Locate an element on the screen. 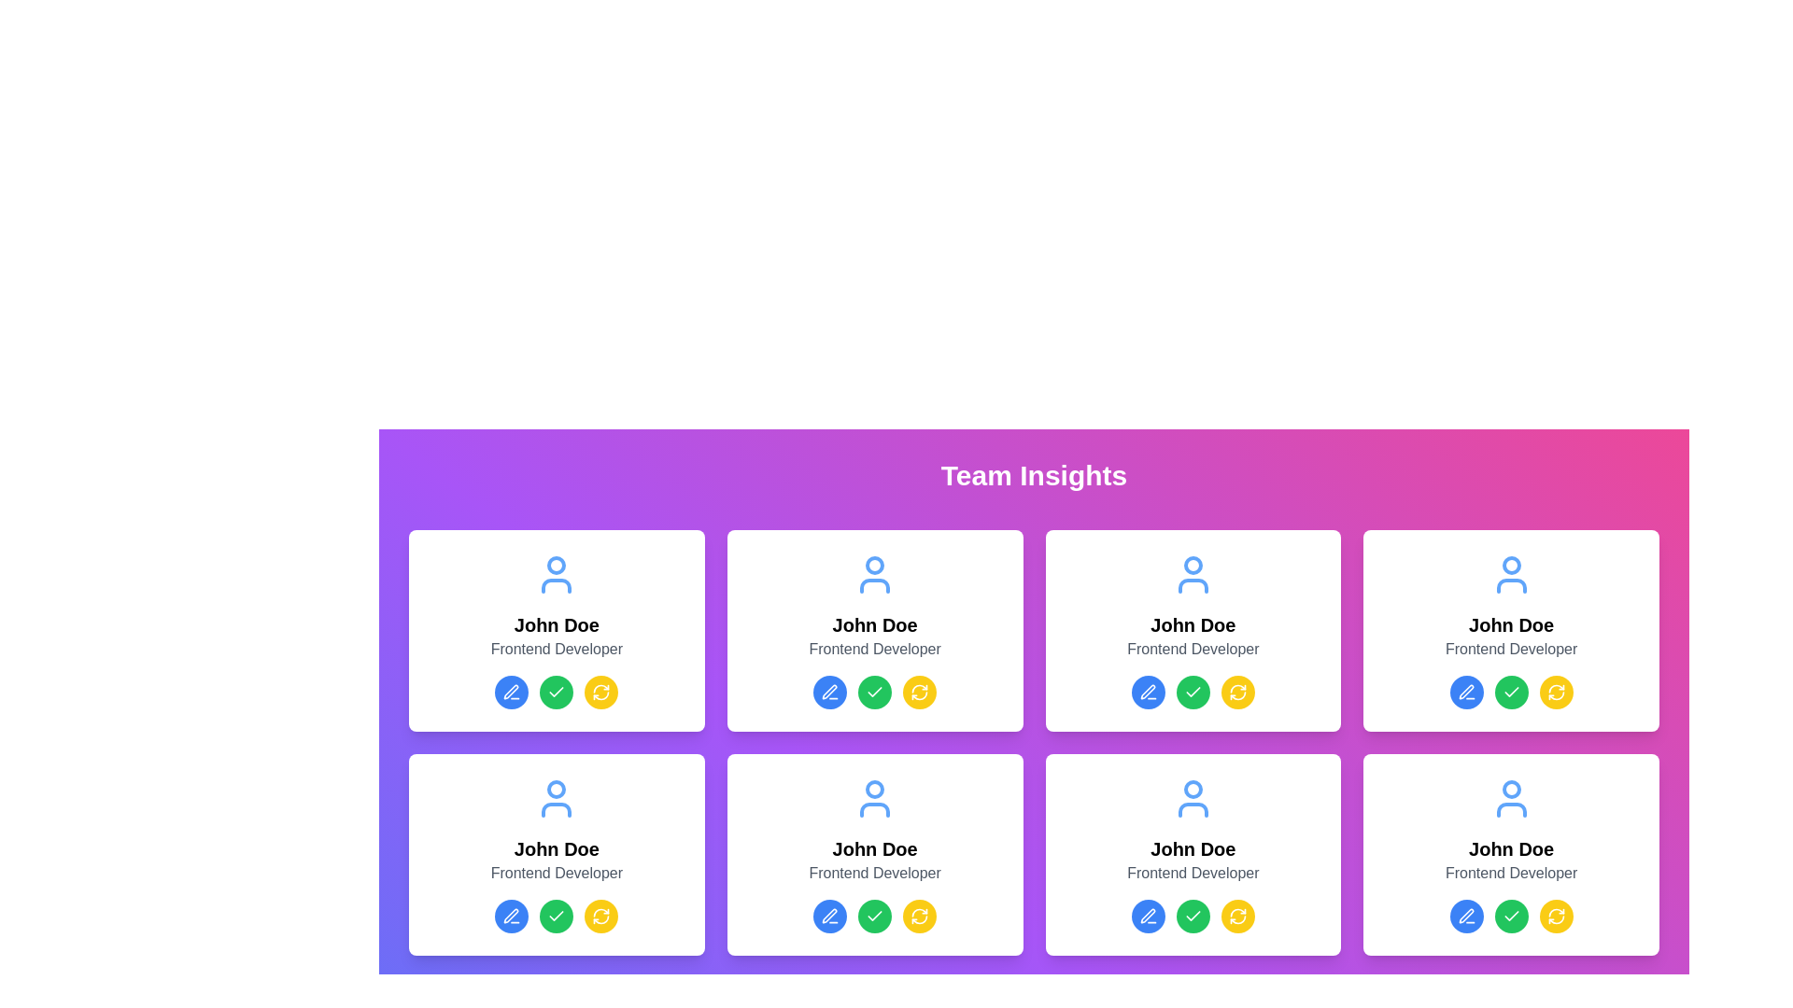 The width and height of the screenshot is (1793, 1008). the user profile icon representing 'John Doe', a Frontend Developer, located at the top of the second card in the second row of the Team Insights section is located at coordinates (556, 798).